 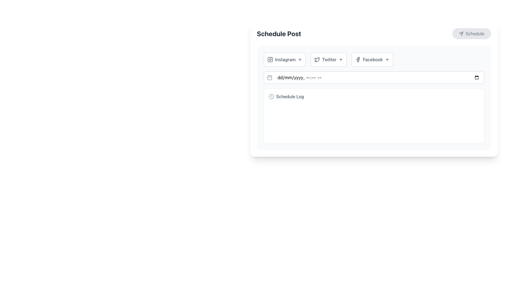 What do you see at coordinates (358, 60) in the screenshot?
I see `the Facebook icon button, which is a small stylized 'F' icon located in the center-top of the interface, specifically positioned third in a row of social media buttons` at bounding box center [358, 60].